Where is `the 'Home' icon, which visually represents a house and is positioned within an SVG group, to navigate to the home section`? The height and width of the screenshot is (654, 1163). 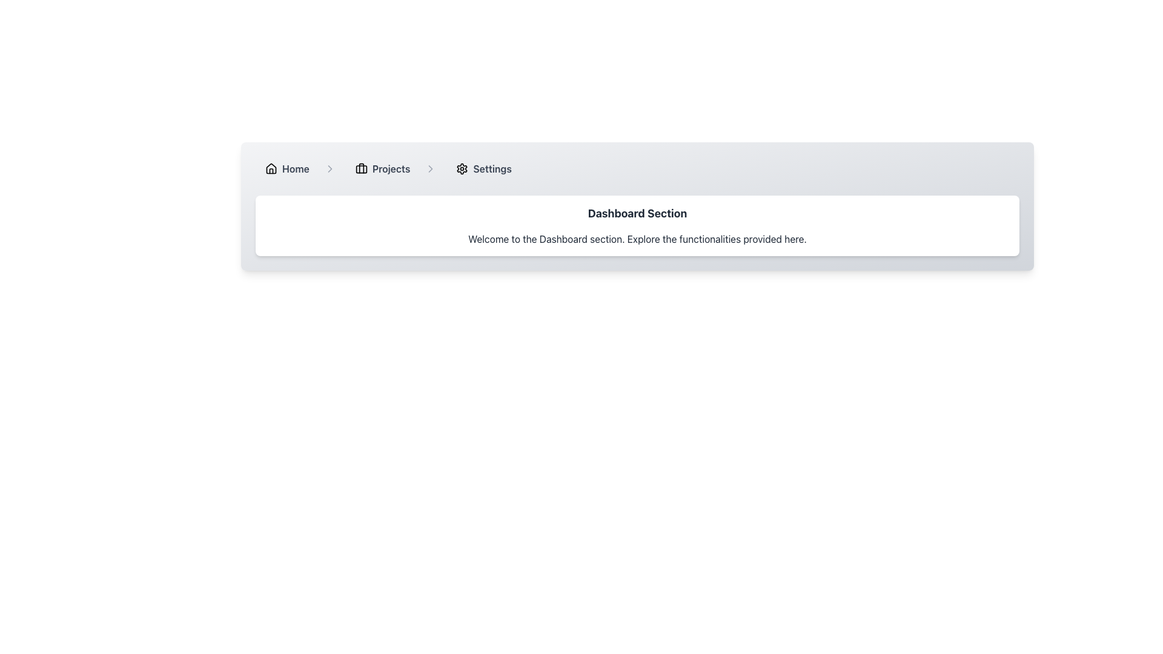
the 'Home' icon, which visually represents a house and is positioned within an SVG group, to navigate to the home section is located at coordinates (270, 168).